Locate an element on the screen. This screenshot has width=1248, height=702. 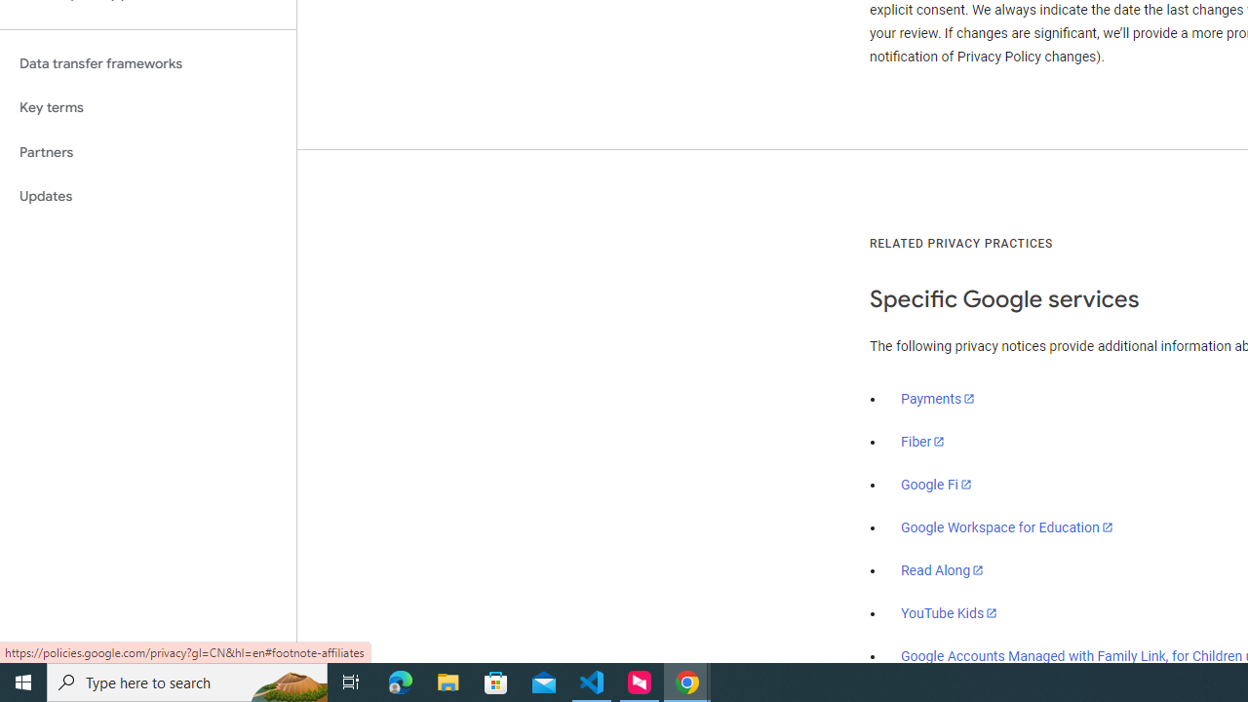
'Partners' is located at coordinates (147, 151).